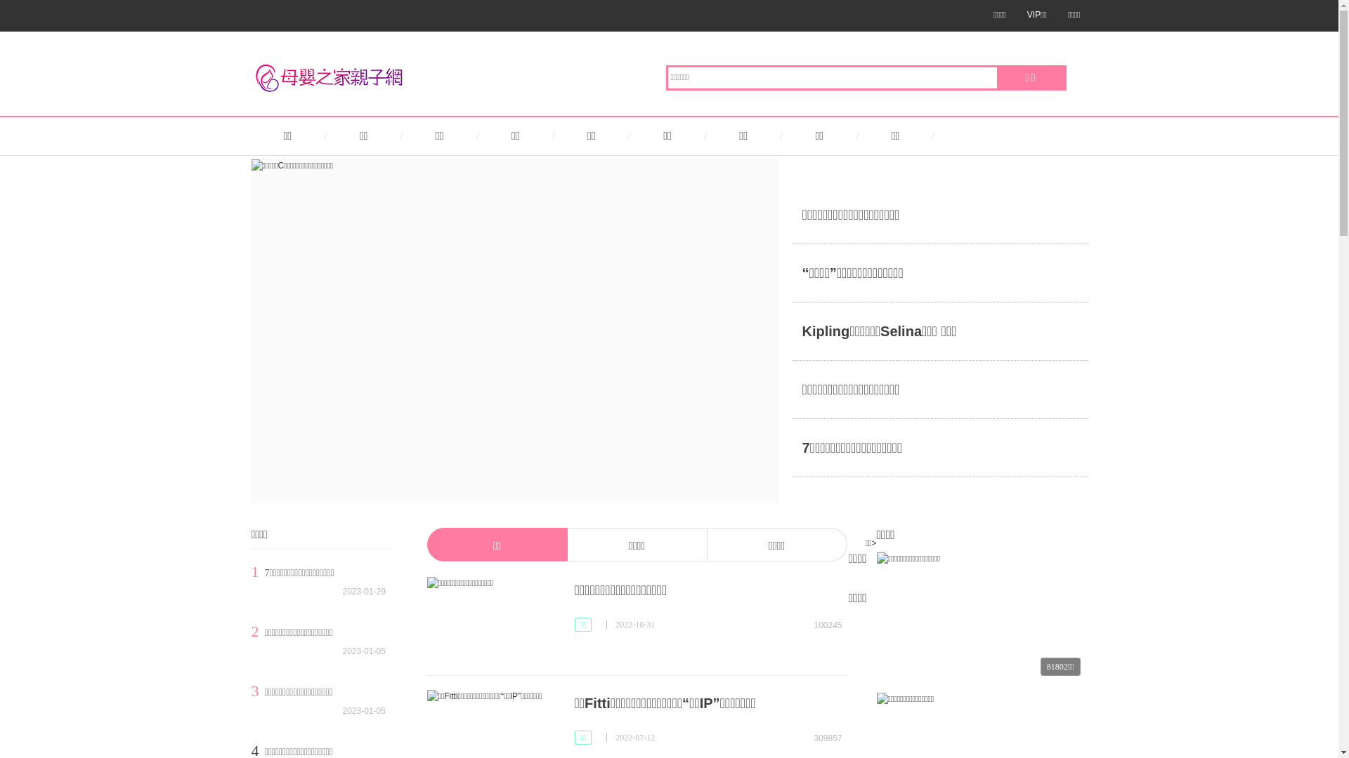 The image size is (1349, 758). What do you see at coordinates (821, 736) in the screenshot?
I see `'309857'` at bounding box center [821, 736].